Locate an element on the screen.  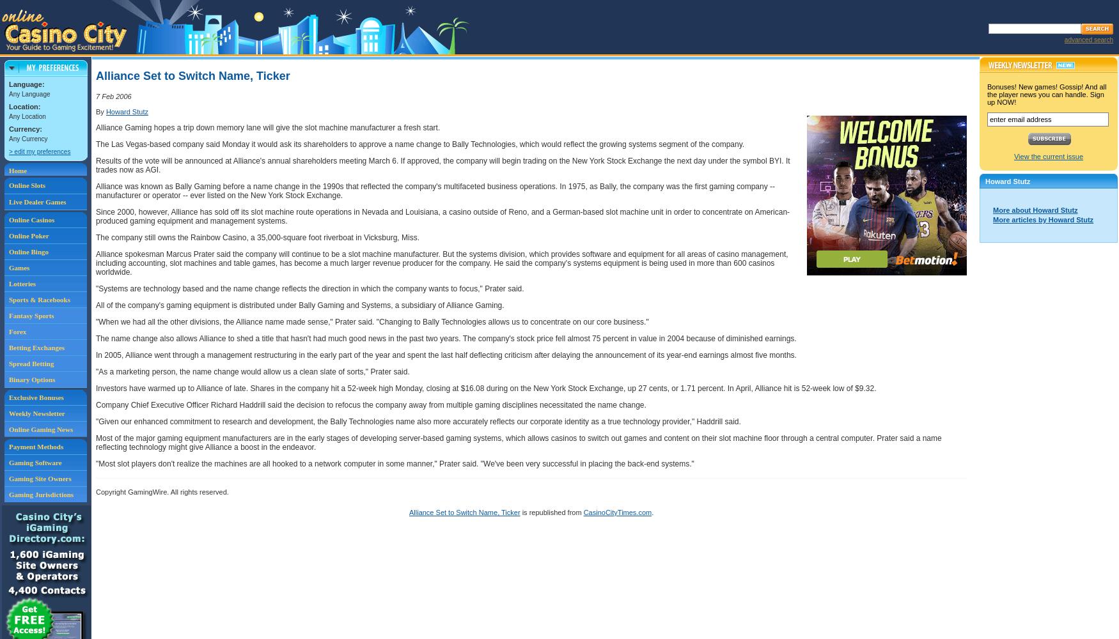
'"When we had all the other divisions, the Alliance name made sense," Prater said. "Changing to Bally Technologies allows us to concentrate on our core business."' is located at coordinates (372, 322).